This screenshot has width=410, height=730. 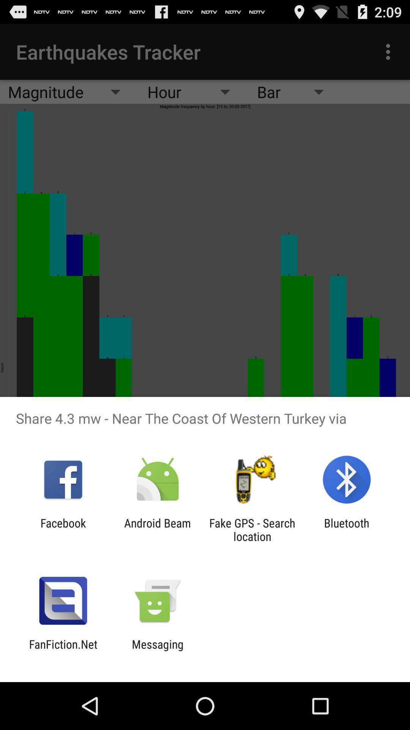 What do you see at coordinates (63, 529) in the screenshot?
I see `app to the left of android beam icon` at bounding box center [63, 529].